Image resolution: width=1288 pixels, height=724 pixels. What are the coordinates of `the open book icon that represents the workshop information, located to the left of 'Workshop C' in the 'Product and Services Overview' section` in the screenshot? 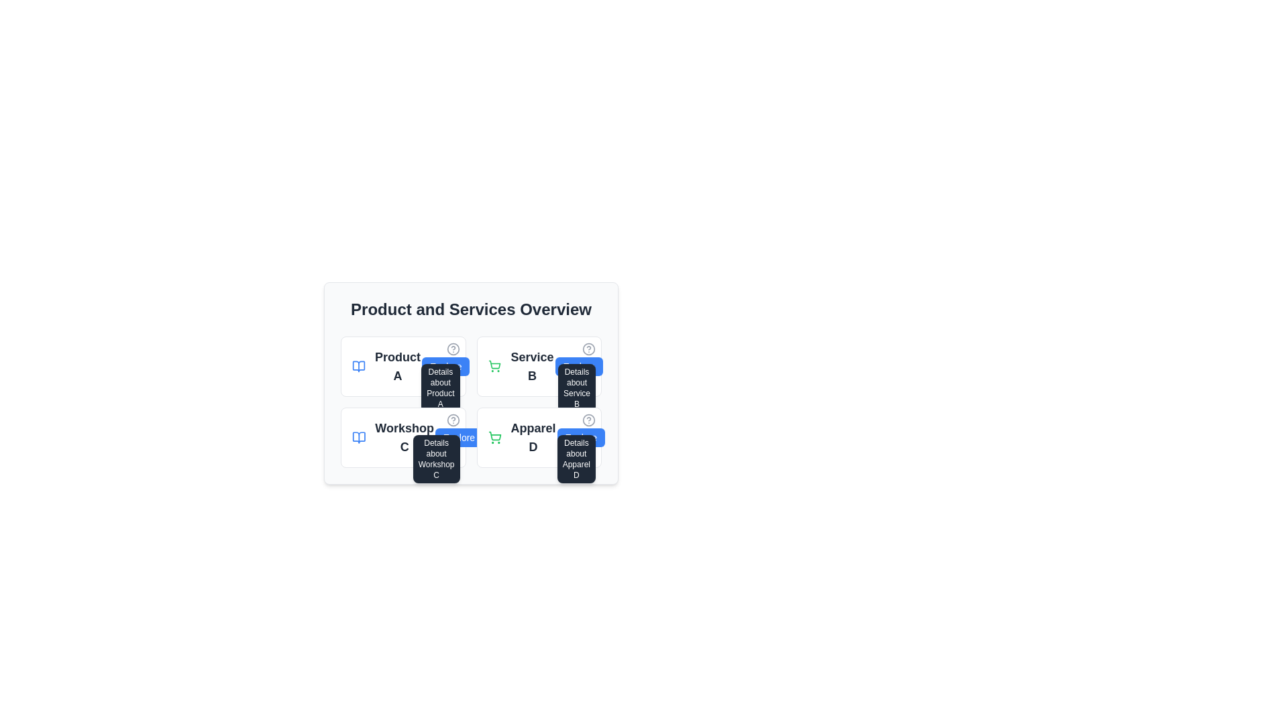 It's located at (358, 437).